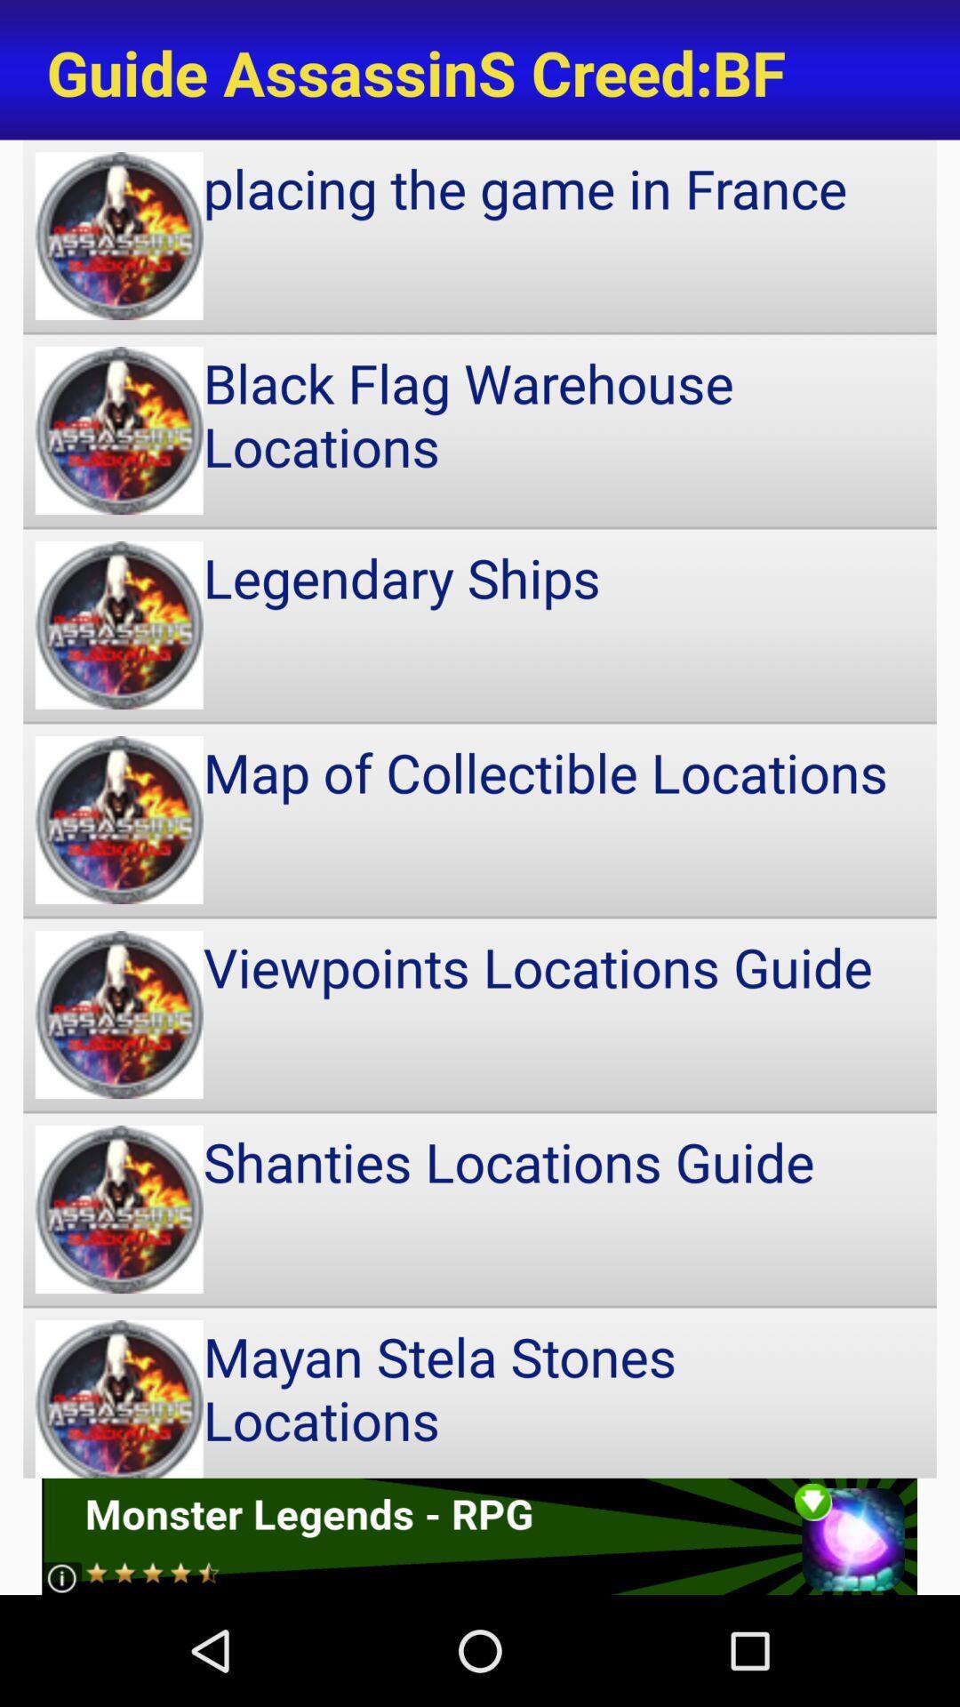  Describe the element at coordinates (480, 235) in the screenshot. I see `icon above the black flag warehouse item` at that location.